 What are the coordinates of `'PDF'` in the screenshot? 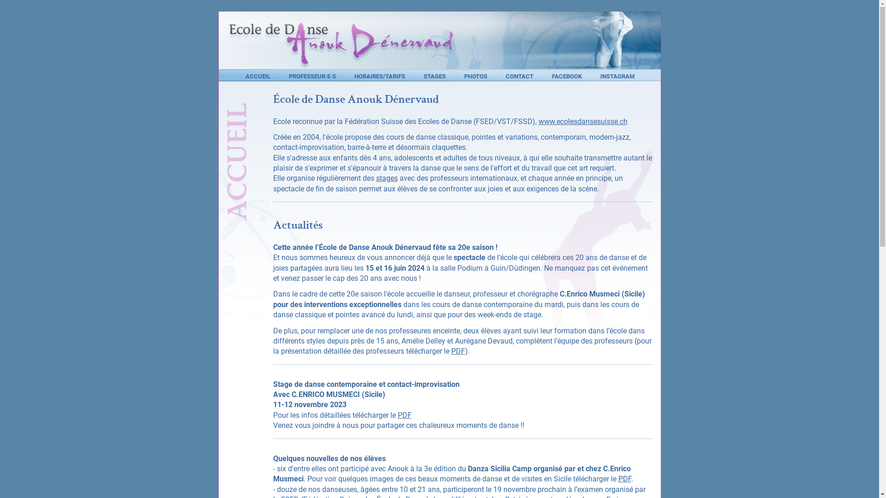 It's located at (398, 415).